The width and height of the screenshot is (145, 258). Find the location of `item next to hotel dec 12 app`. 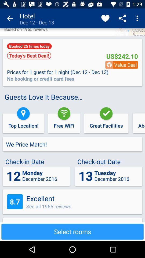

item next to hotel dec 12 app is located at coordinates (106, 18).